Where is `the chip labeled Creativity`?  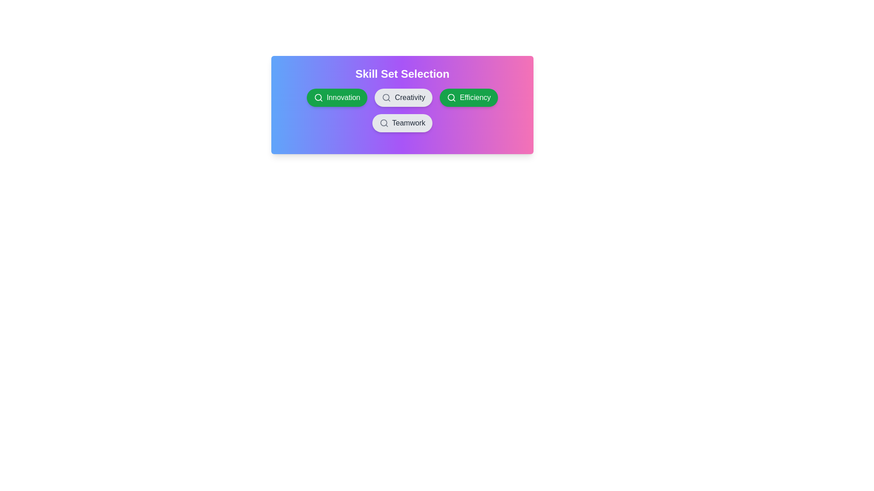 the chip labeled Creativity is located at coordinates (403, 98).